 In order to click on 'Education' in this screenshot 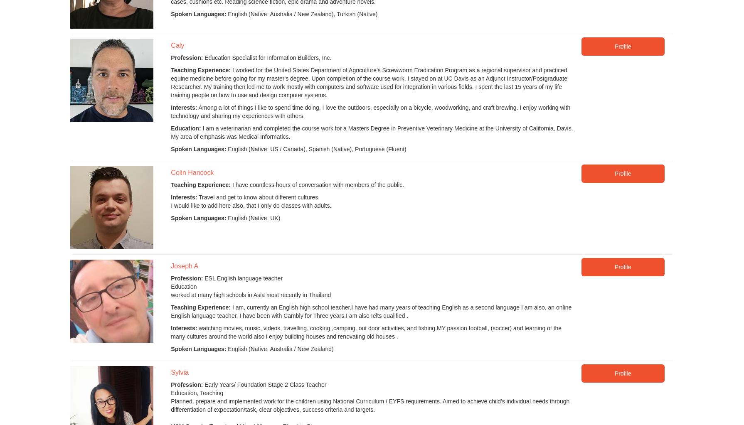, I will do `click(170, 286)`.